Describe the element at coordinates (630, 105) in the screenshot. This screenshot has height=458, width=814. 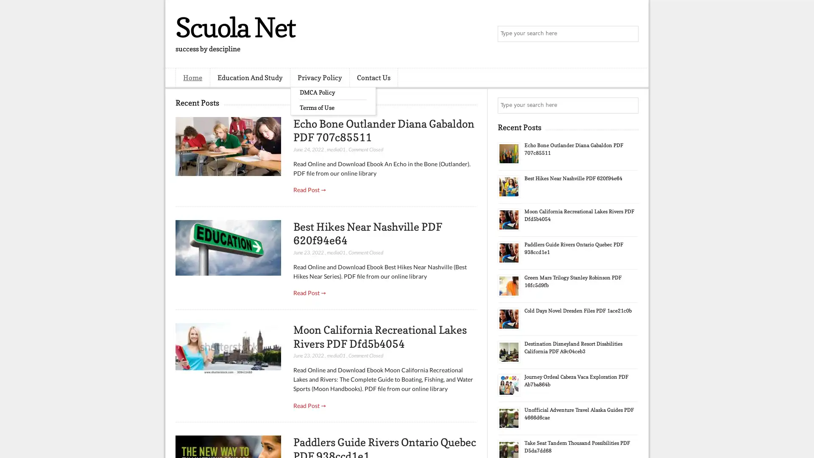
I see `Search` at that location.